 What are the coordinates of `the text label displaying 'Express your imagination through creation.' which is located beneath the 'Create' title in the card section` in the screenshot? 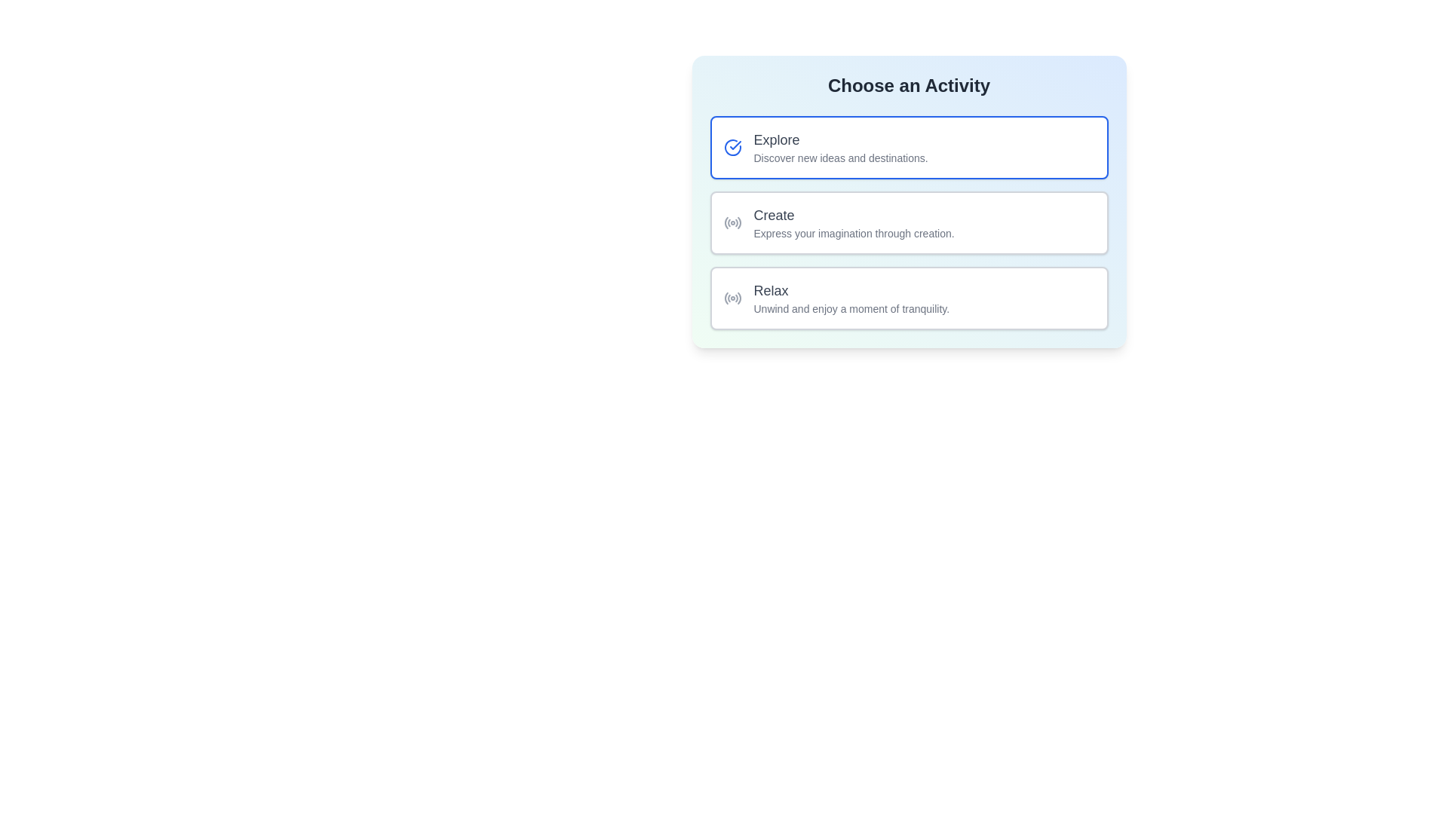 It's located at (854, 233).